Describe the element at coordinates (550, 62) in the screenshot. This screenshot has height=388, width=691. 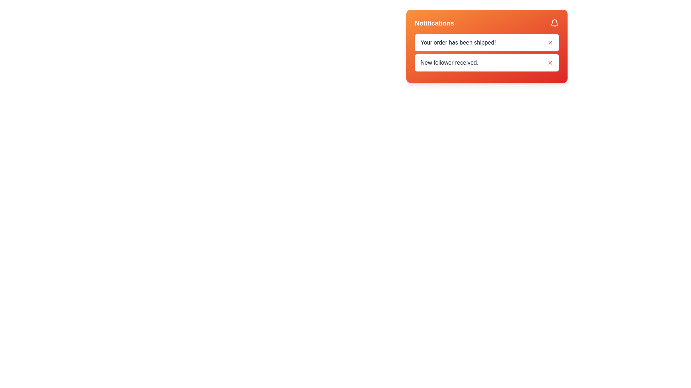
I see `the dismiss button located in the bottom-right corner of the notification card associated with the 'New follower received.' notification` at that location.